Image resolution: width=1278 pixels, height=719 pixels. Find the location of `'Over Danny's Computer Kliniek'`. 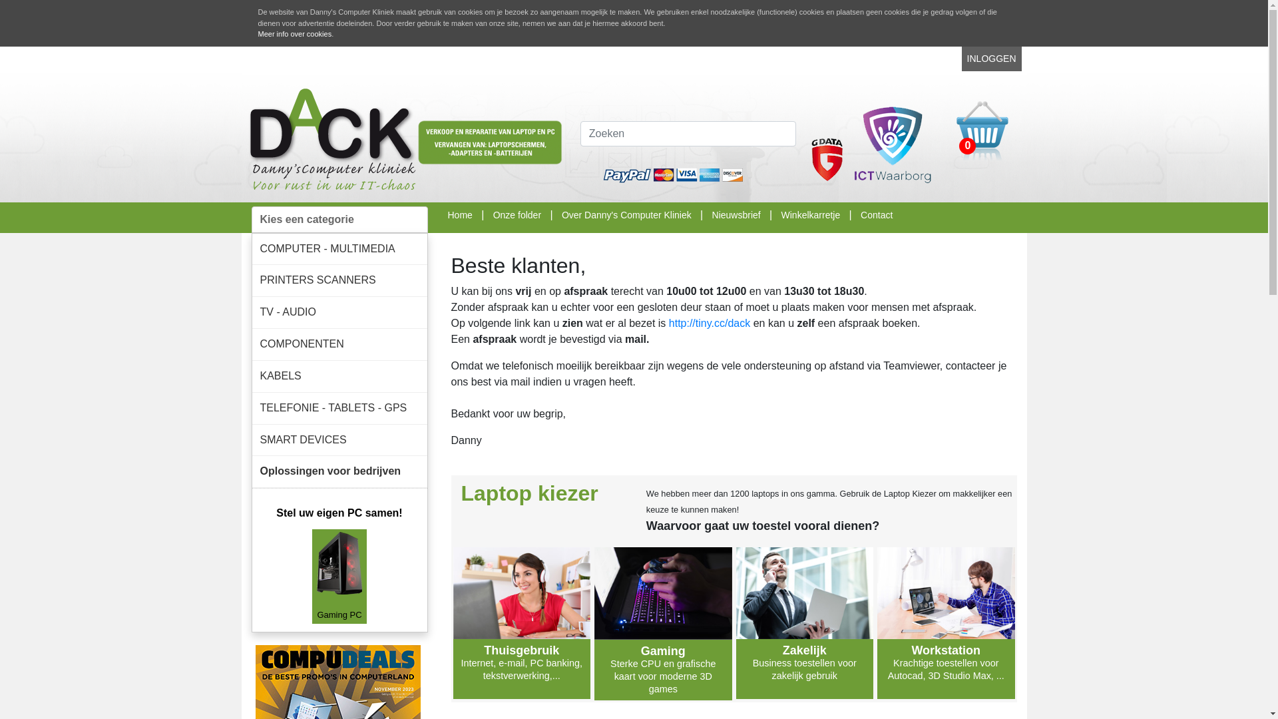

'Over Danny's Computer Kliniek' is located at coordinates (562, 213).